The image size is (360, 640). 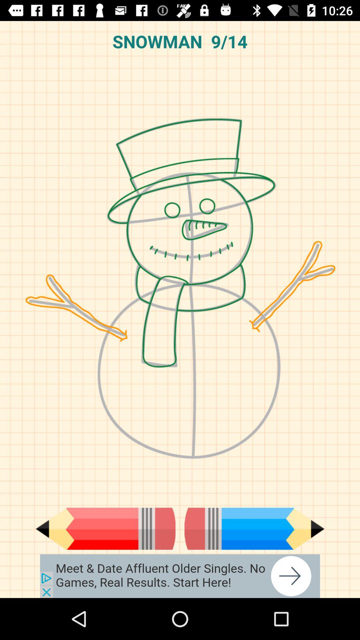 What do you see at coordinates (180, 576) in the screenshot?
I see `the advertised site` at bounding box center [180, 576].